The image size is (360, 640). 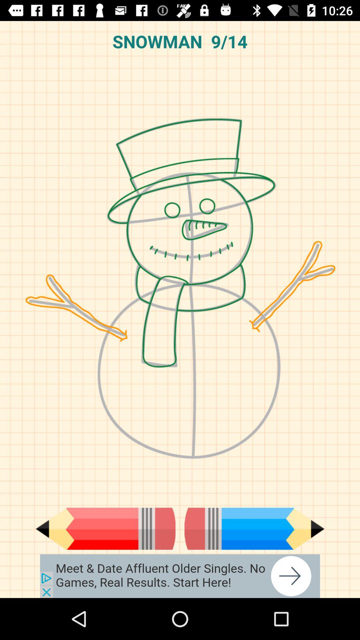 What do you see at coordinates (180, 576) in the screenshot?
I see `the advertised site` at bounding box center [180, 576].